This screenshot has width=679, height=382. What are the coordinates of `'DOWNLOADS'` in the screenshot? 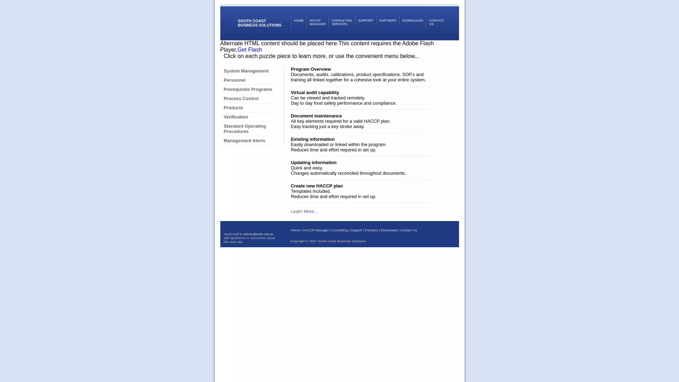 It's located at (399, 20).